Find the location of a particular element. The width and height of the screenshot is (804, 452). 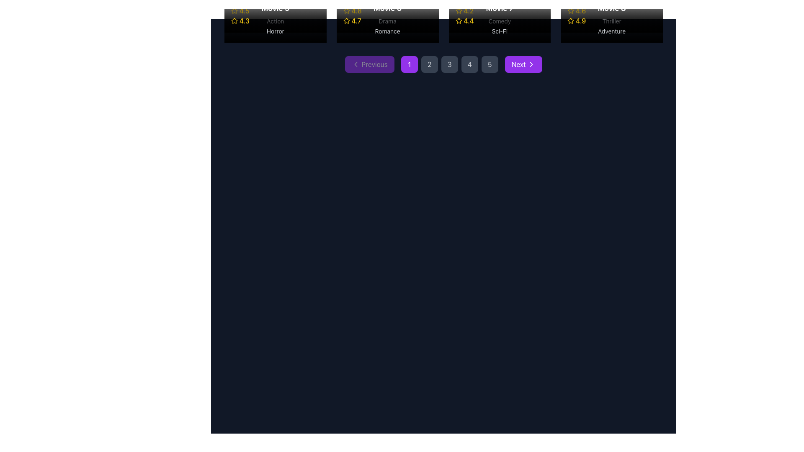

the numeric rating display element showing '4.5' in bold yellow font, which is located to the right of a star symbol is located at coordinates (244, 11).